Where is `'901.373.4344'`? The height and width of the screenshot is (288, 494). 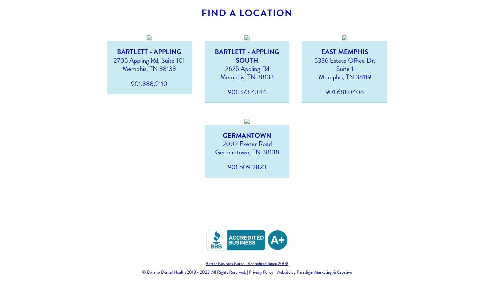
'901.373.4344' is located at coordinates (247, 92).